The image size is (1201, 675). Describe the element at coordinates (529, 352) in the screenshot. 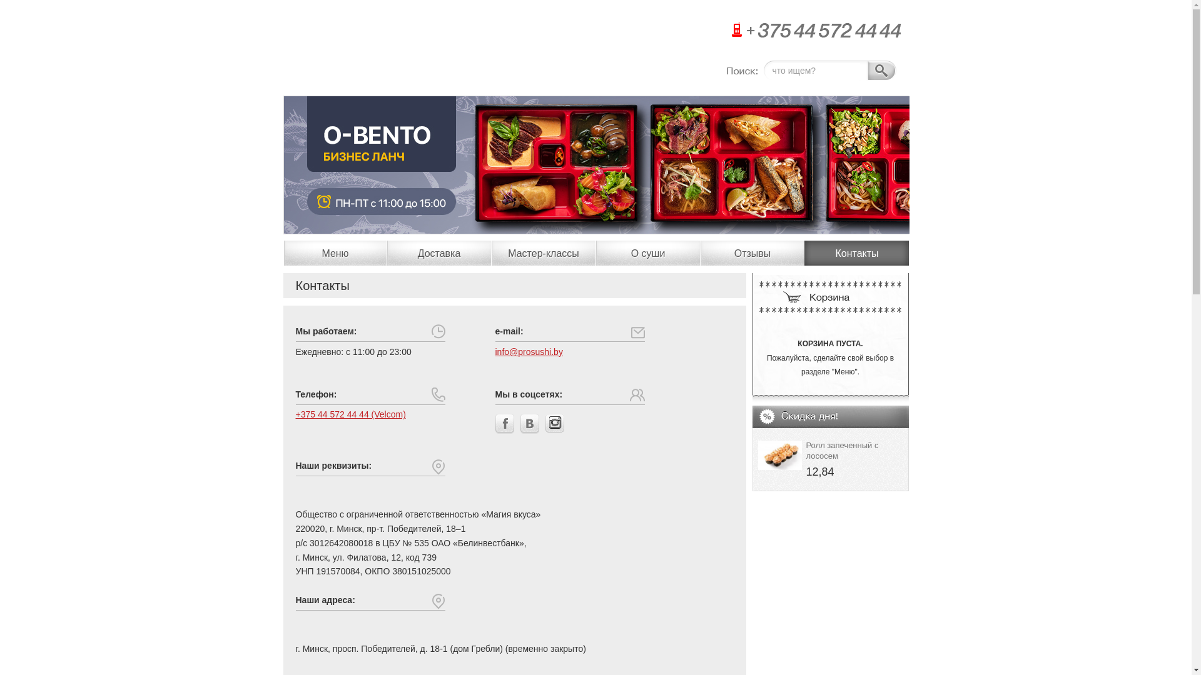

I see `'info@prosushi.by'` at that location.